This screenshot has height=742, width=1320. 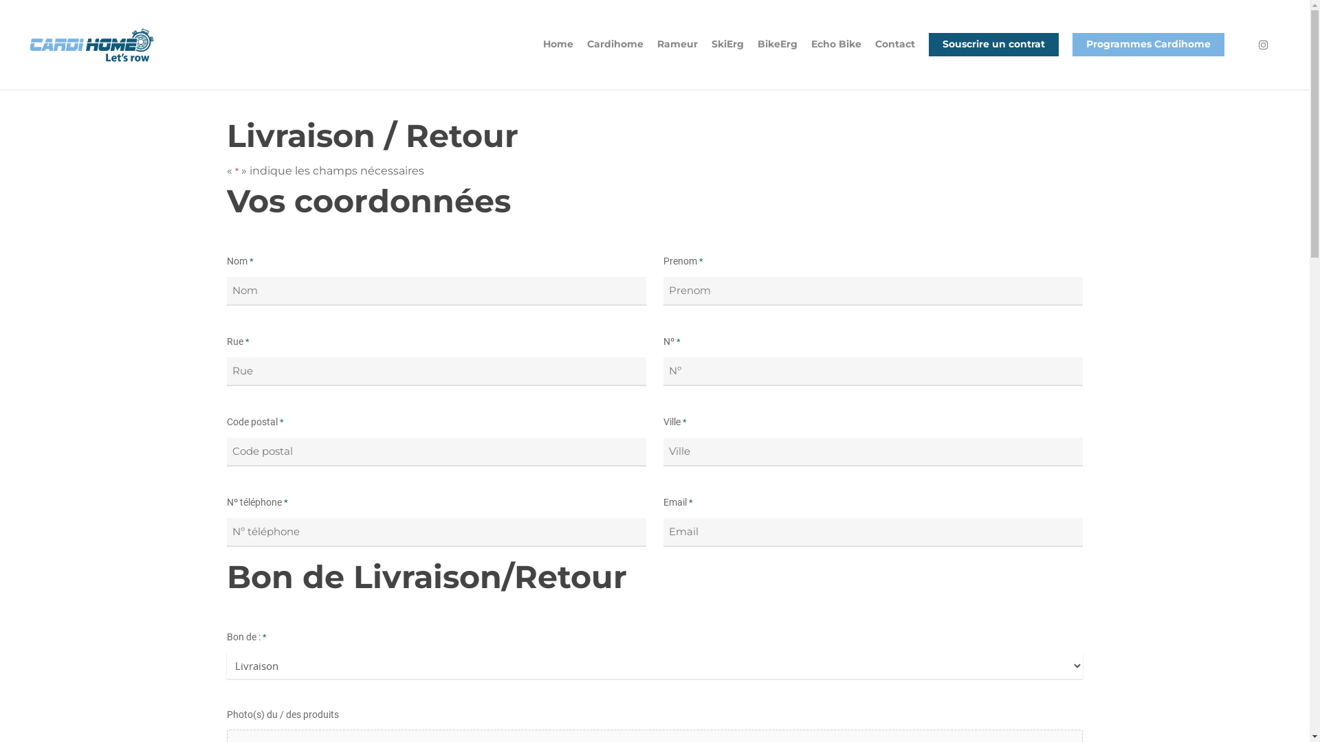 What do you see at coordinates (993, 53) in the screenshot?
I see `'Souscrire un contrat'` at bounding box center [993, 53].